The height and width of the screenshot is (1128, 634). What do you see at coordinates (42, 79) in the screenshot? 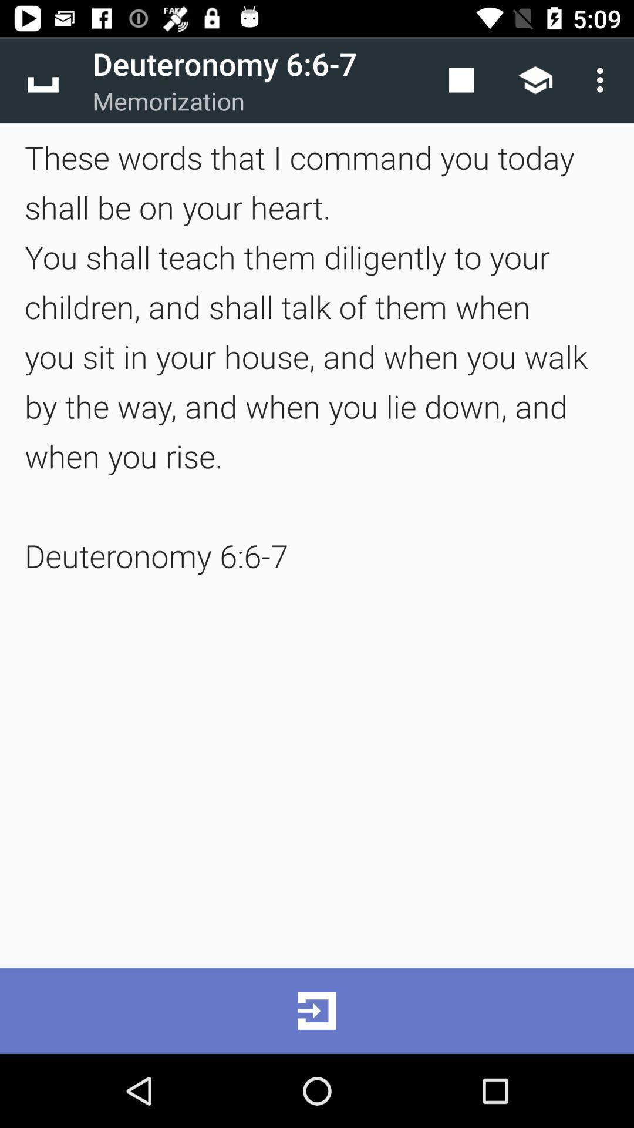
I see `the item above these words that` at bounding box center [42, 79].